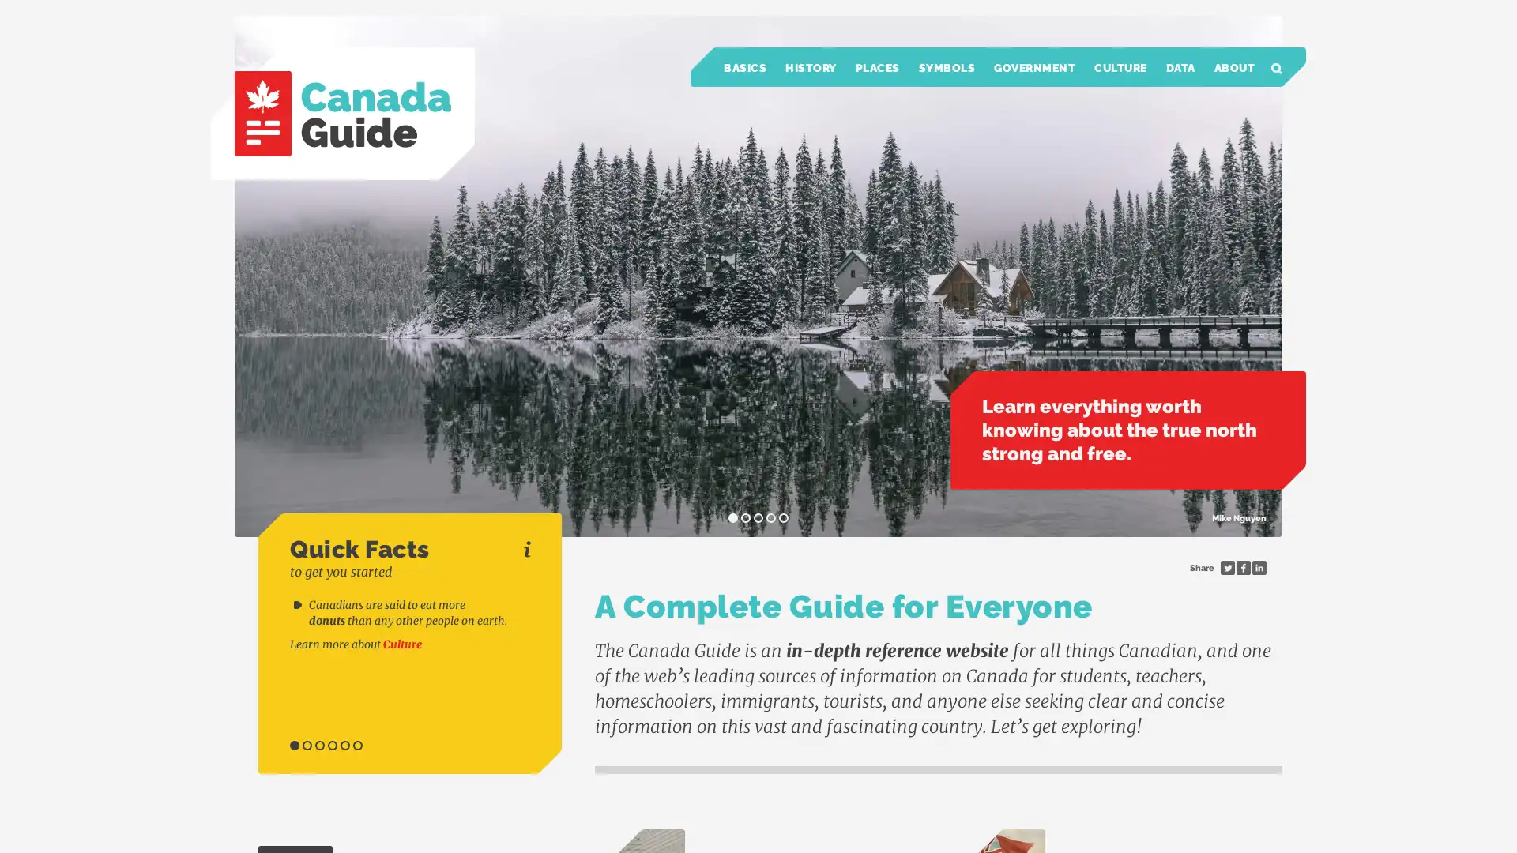 This screenshot has width=1517, height=853. I want to click on Go to slide 2, so click(307, 746).